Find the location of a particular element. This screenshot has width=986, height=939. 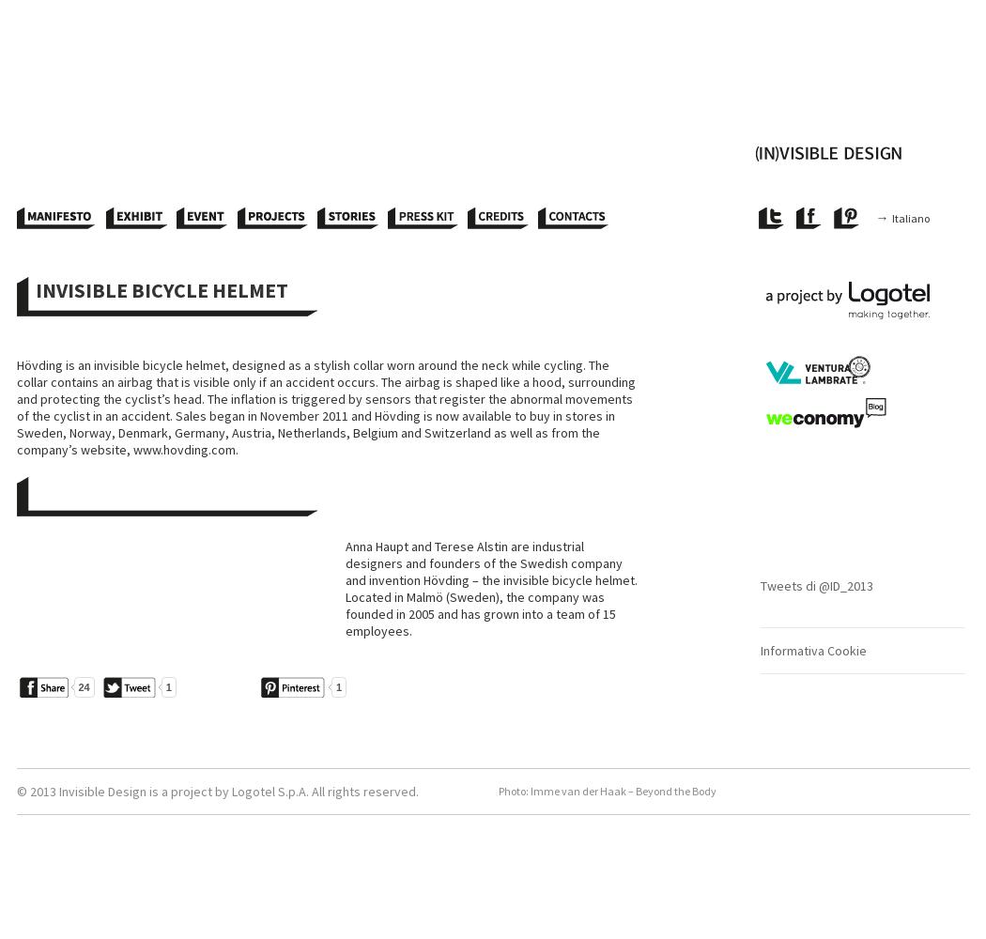

'S.p.A. All rights reserved.' is located at coordinates (345, 791).